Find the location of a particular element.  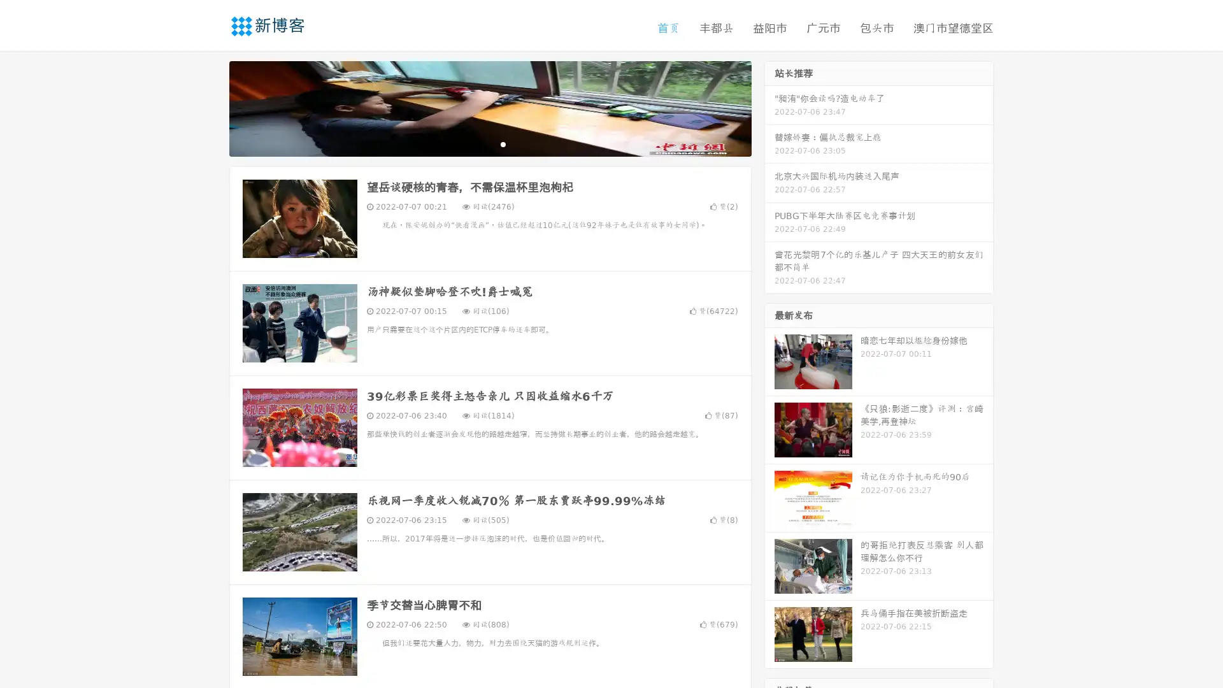

Go to slide 1 is located at coordinates (476, 143).